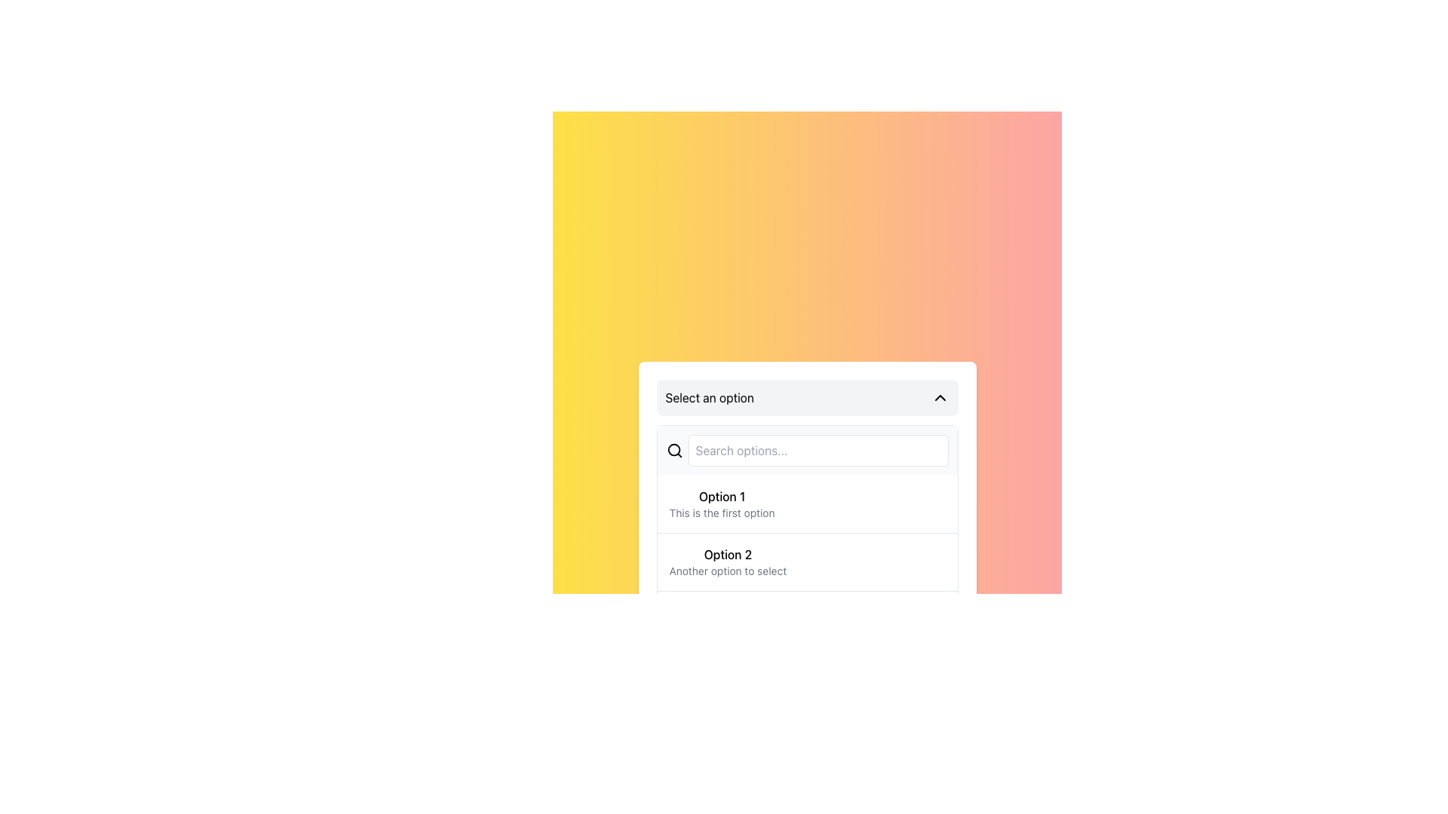  What do you see at coordinates (673, 449) in the screenshot?
I see `the search icon located inside the light-gray bar to the left of the text input area` at bounding box center [673, 449].